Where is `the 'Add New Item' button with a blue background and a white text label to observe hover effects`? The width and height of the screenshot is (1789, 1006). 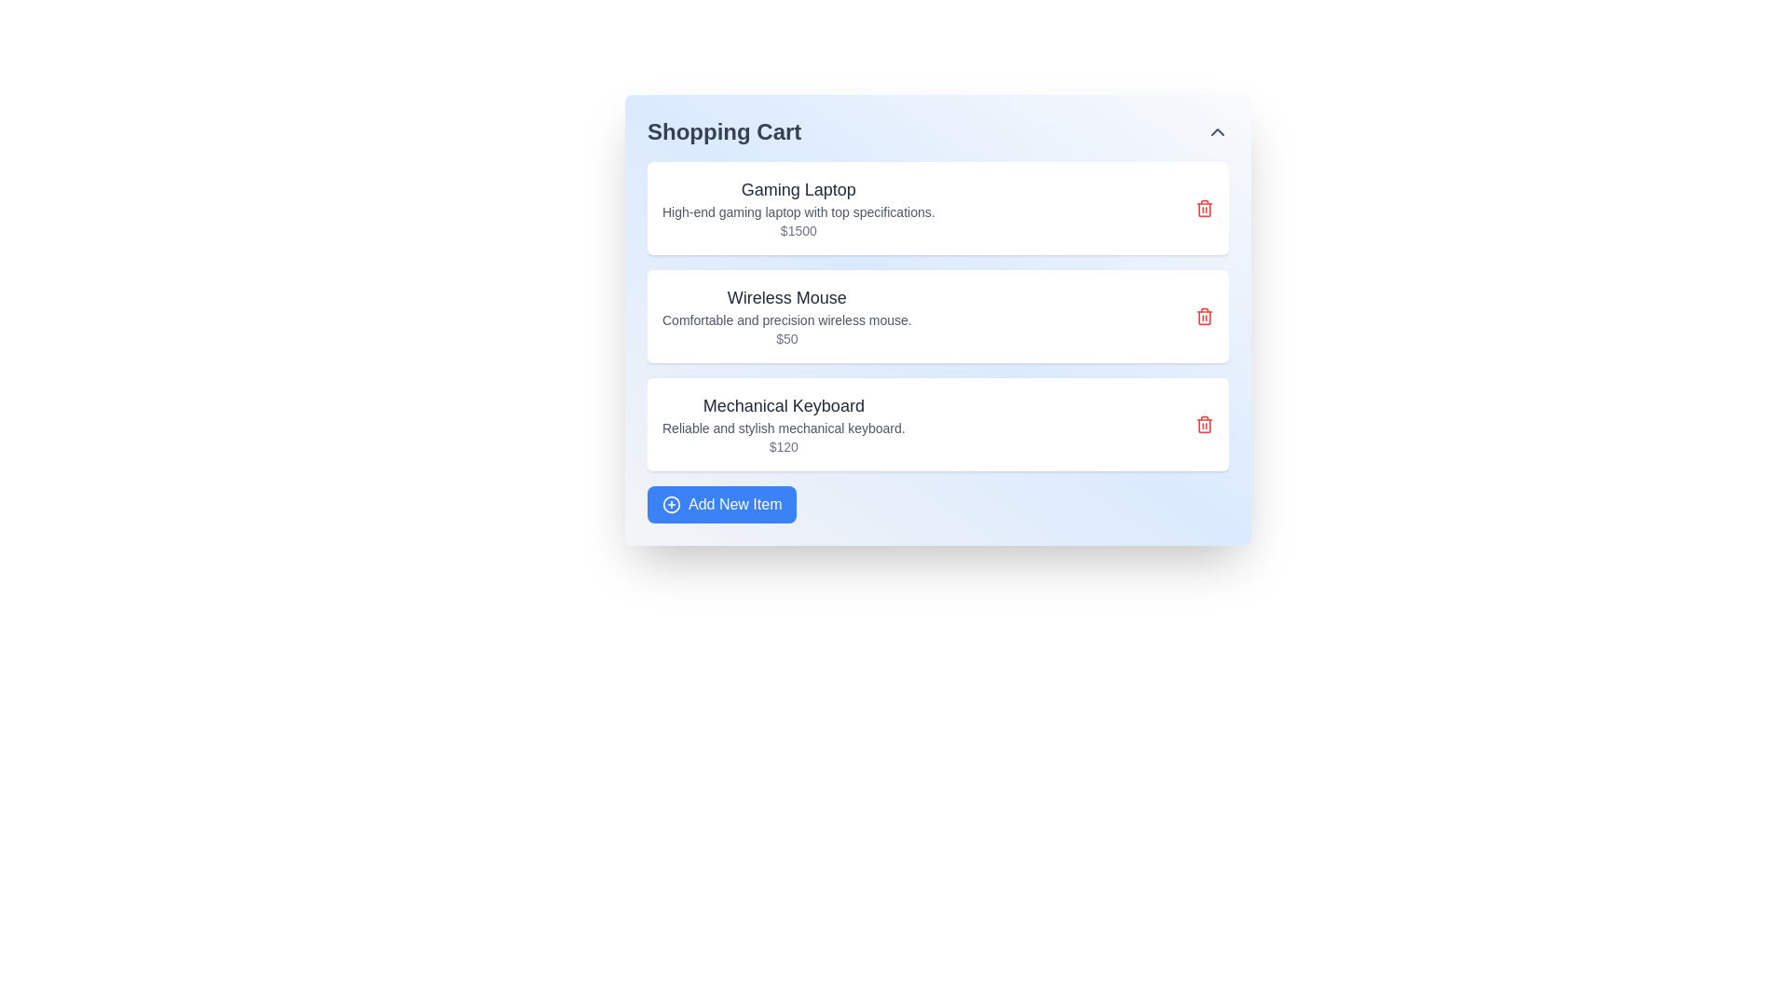 the 'Add New Item' button with a blue background and a white text label to observe hover effects is located at coordinates (721, 505).